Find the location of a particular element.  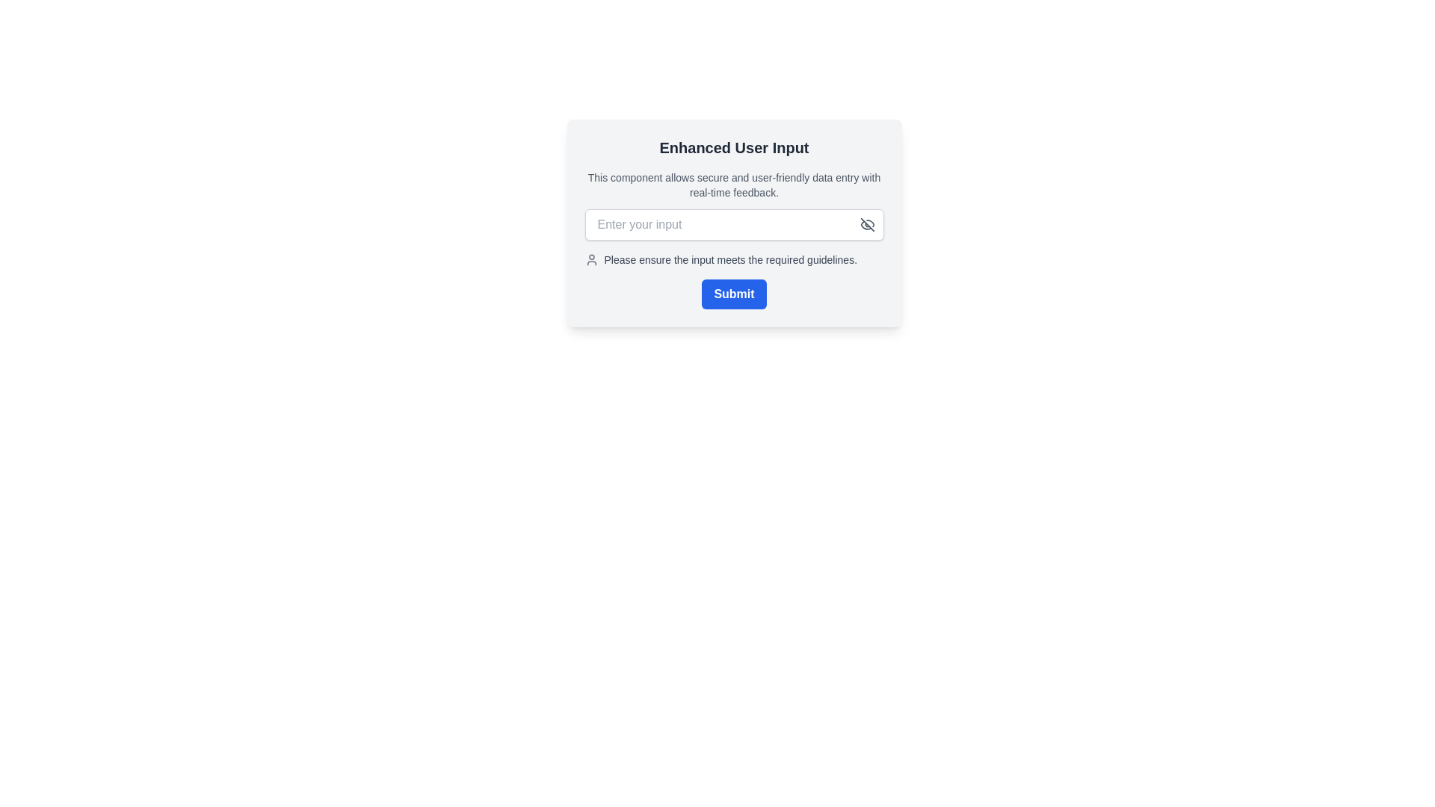

the informational text that reads 'This component allows secure and user-friendly data entry with real-time feedback.' which is styled with a small font size and gray color, located beneath the heading 'Enhanced User Input.' is located at coordinates (734, 184).